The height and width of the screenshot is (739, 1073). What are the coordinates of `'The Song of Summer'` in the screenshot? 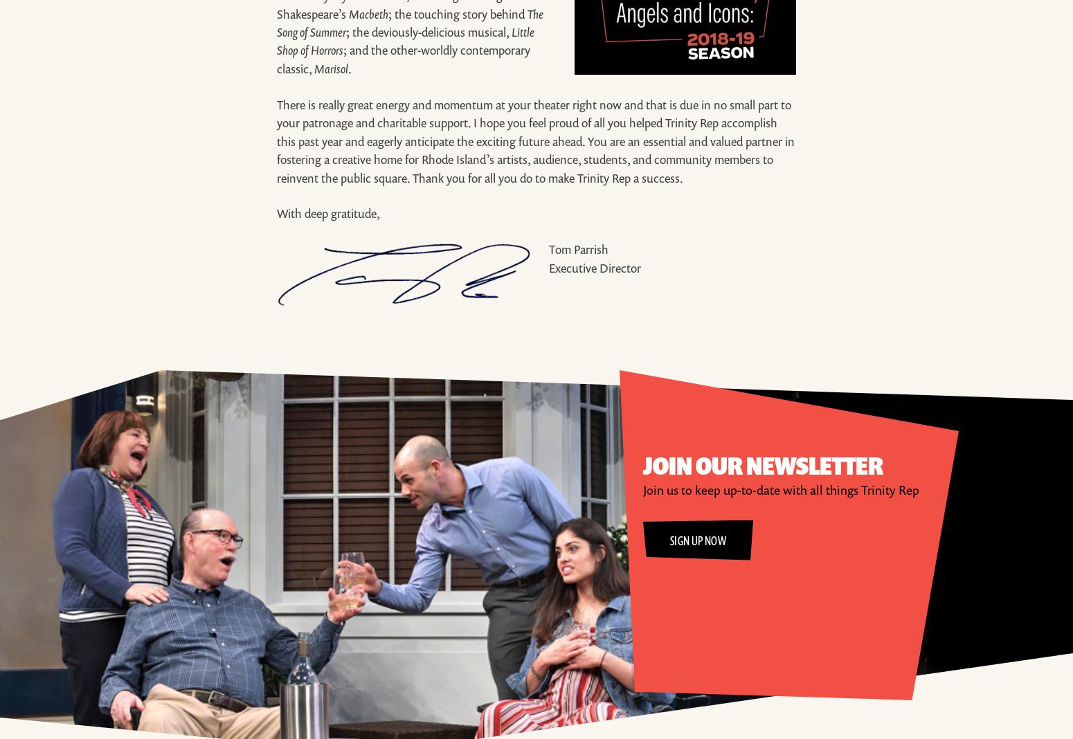 It's located at (410, 21).